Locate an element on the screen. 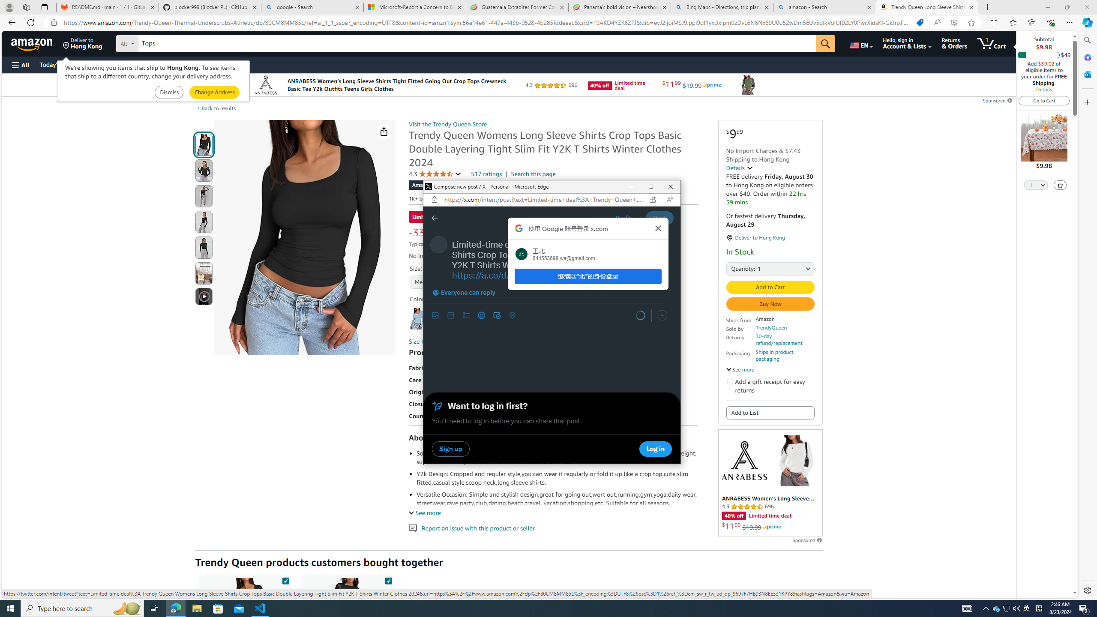 This screenshot has height=617, width=1097. 'You have the best price!' is located at coordinates (919, 23).